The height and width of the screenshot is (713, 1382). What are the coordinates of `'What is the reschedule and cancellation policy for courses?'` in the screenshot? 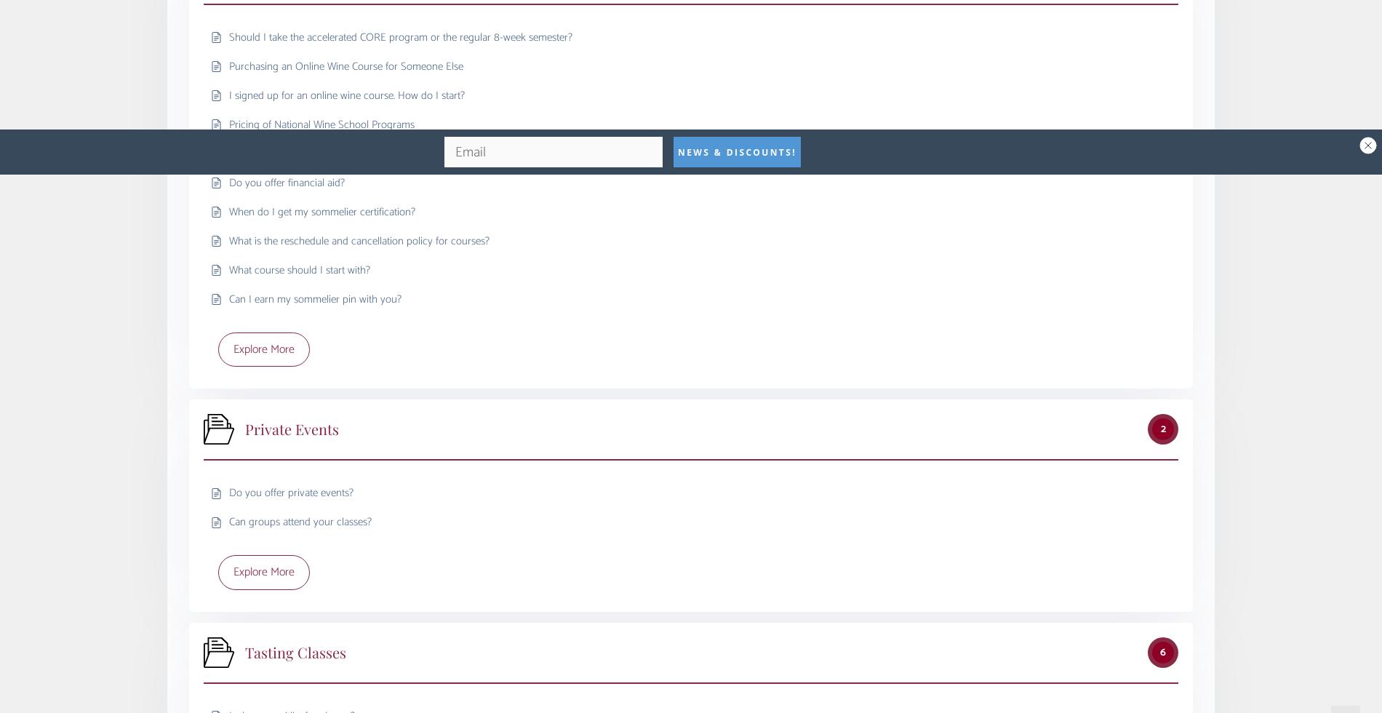 It's located at (359, 240).